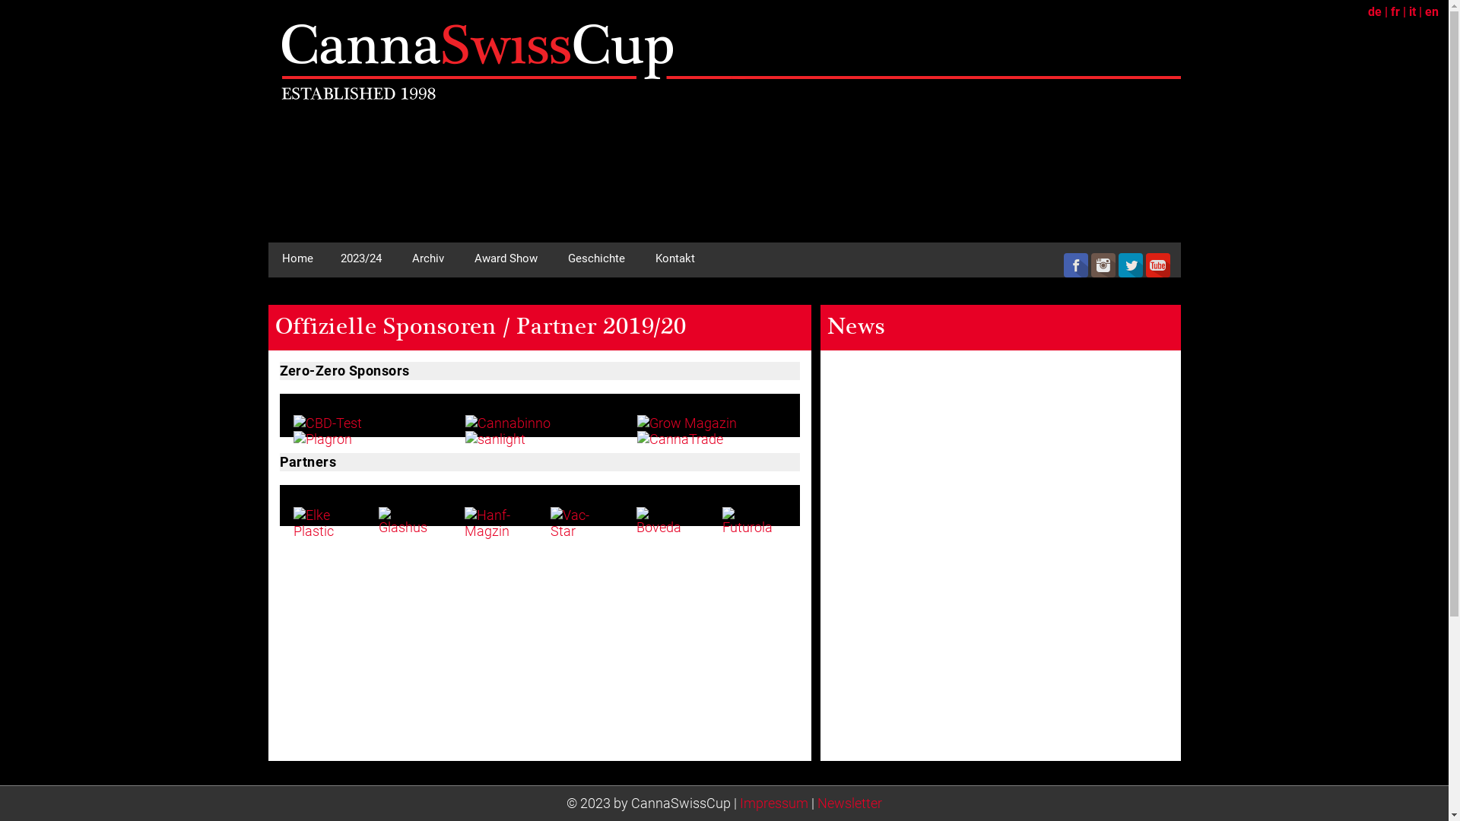  What do you see at coordinates (1395, 11) in the screenshot?
I see `'fr'` at bounding box center [1395, 11].